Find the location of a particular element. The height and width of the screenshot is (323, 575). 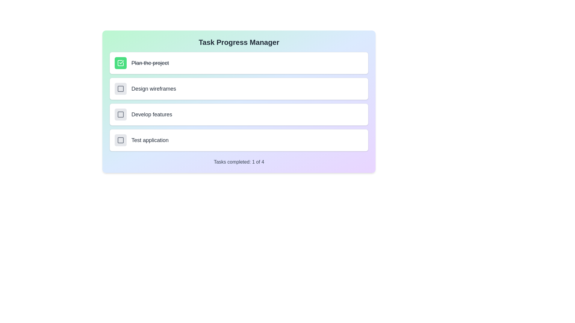

the checkbox element, which is a square-shaped icon with rounded corners, gray background, and border, located to the left of the text 'Test application' is located at coordinates (120, 140).